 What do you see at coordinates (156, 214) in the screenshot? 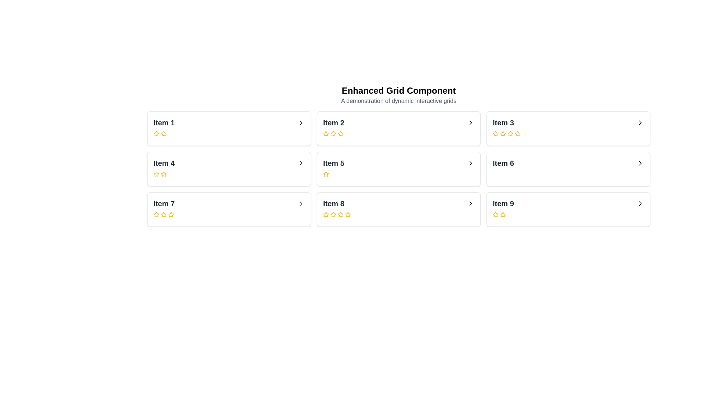
I see `the second empty star icon in the rating system of the 'Item 7' card, outlined in yellow, located in the first column, third row of the grid layout` at bounding box center [156, 214].